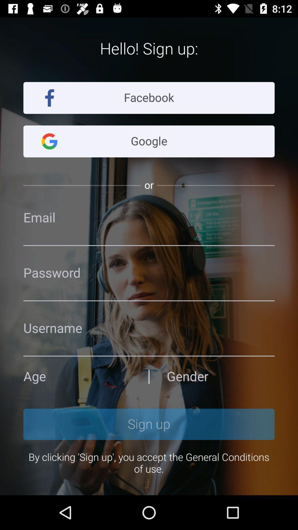 This screenshot has width=298, height=530. Describe the element at coordinates (149, 328) in the screenshot. I see `the name` at that location.